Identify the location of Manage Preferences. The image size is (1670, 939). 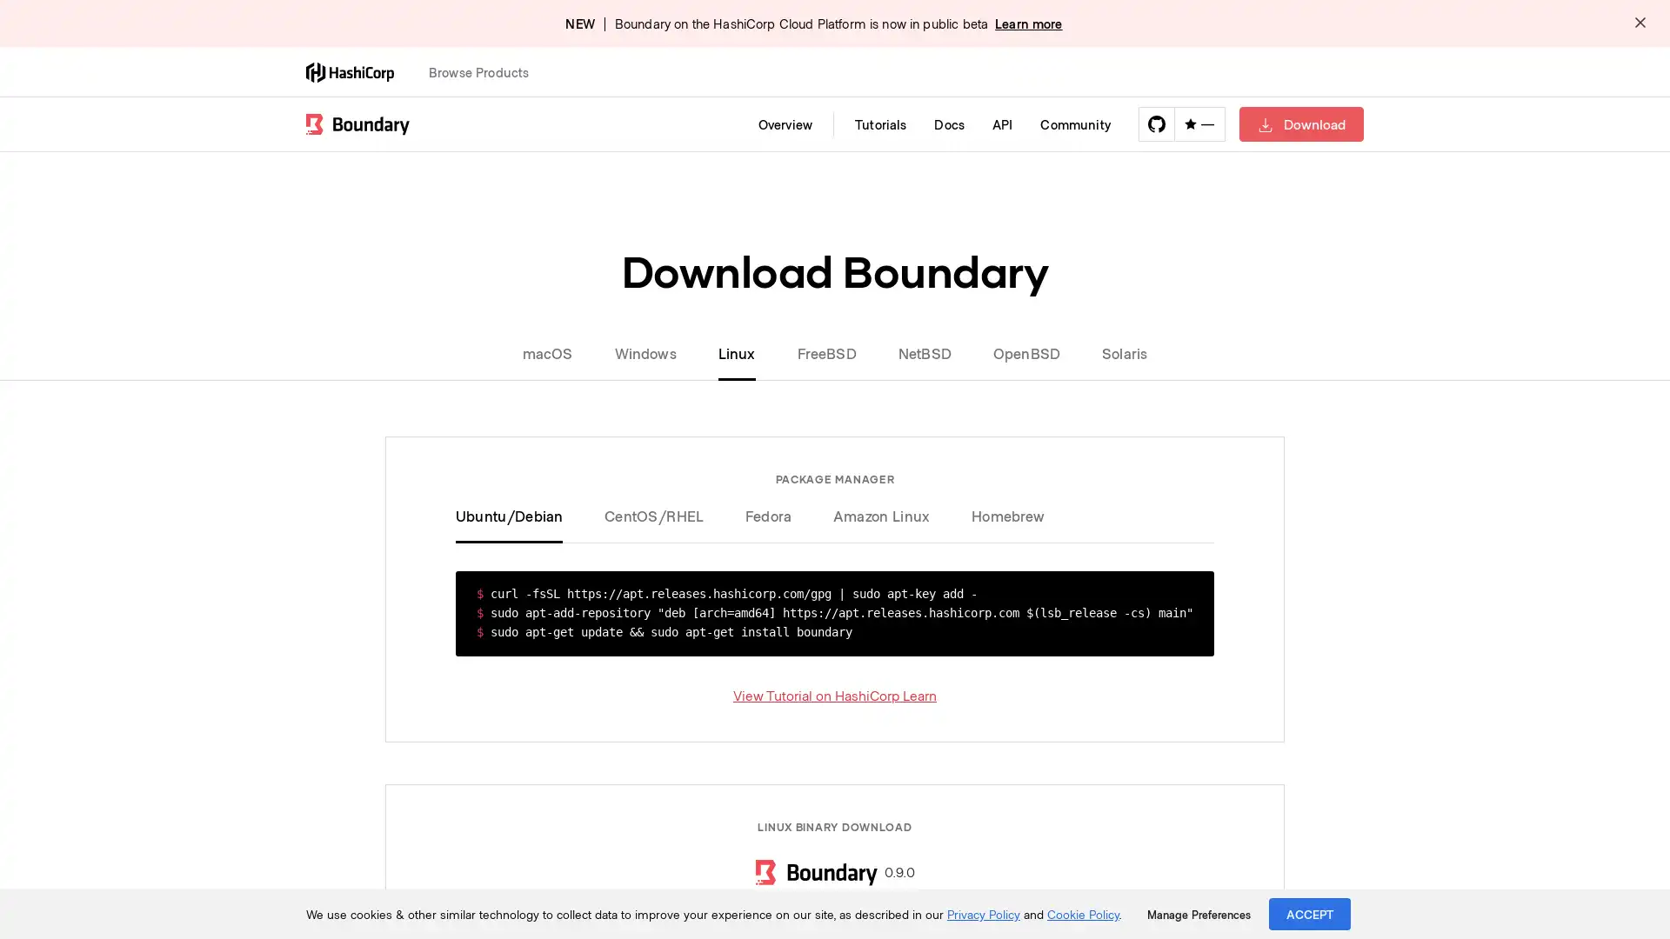
(1198, 914).